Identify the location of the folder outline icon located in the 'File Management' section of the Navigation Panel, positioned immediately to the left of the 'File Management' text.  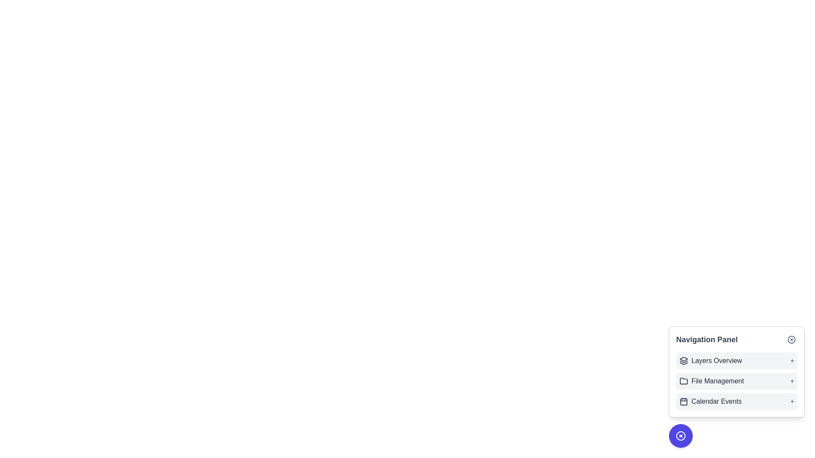
(684, 380).